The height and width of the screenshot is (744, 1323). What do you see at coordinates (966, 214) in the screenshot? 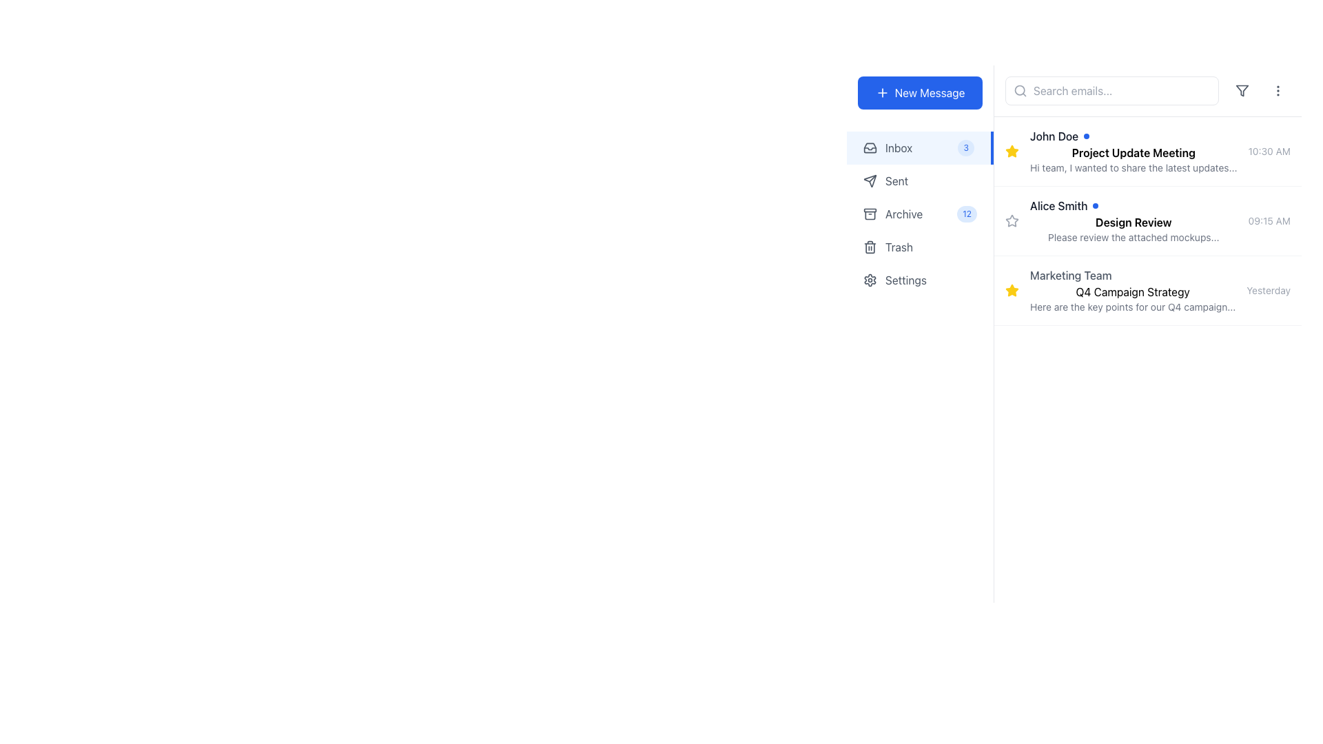
I see `the badge-style notification indicator that displays the number '12', which is styled with a blue background and blue text, located next to the 'Archive' text in the left-side navigation bar` at bounding box center [966, 214].